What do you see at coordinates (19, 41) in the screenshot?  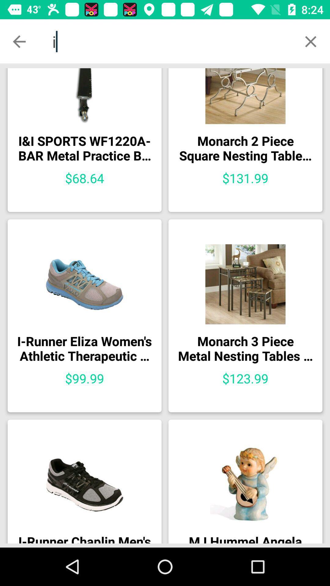 I see `the arrow_backward icon` at bounding box center [19, 41].